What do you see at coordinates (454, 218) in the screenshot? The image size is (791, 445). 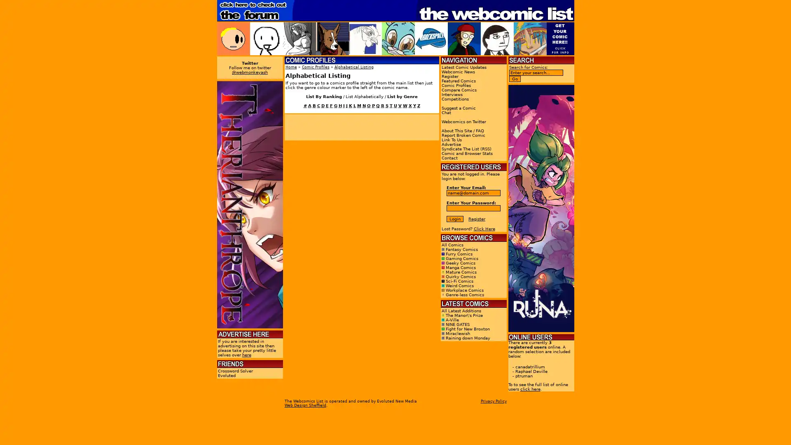 I see `Login` at bounding box center [454, 218].